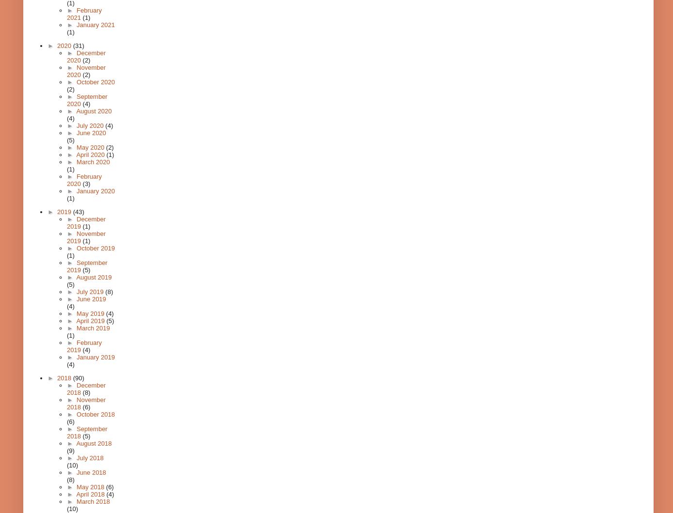 The width and height of the screenshot is (673, 513). Describe the element at coordinates (85, 56) in the screenshot. I see `'December 2020'` at that location.